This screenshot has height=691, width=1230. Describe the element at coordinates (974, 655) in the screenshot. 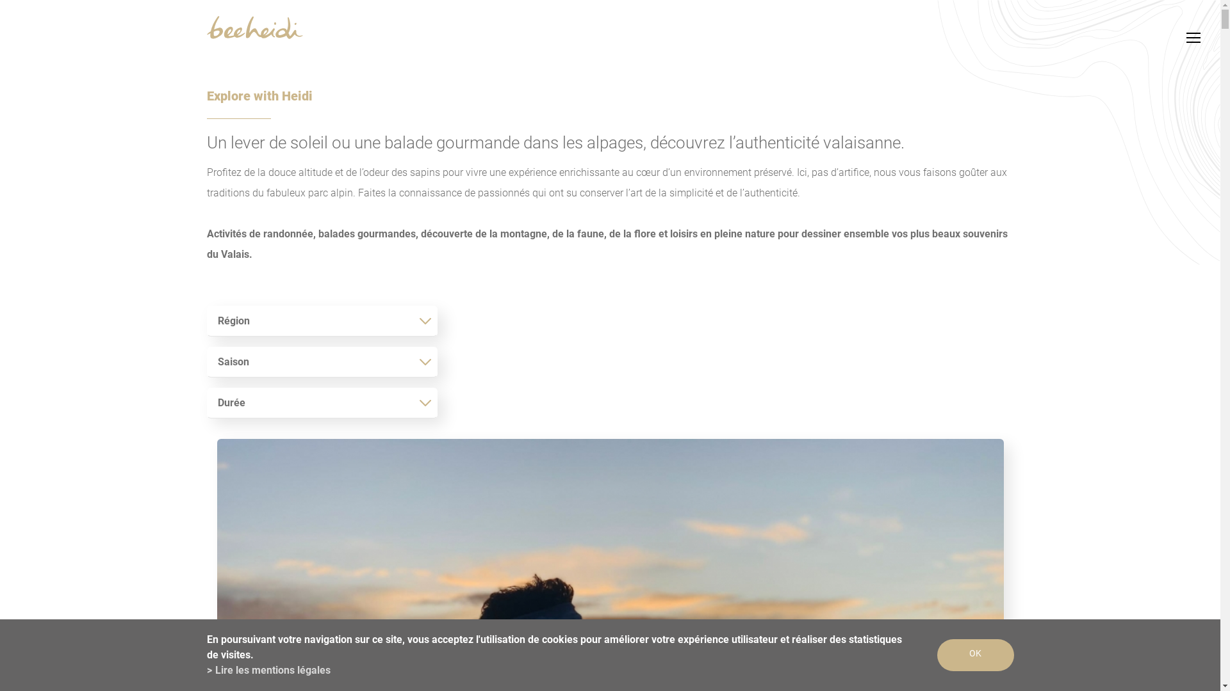

I see `'OK'` at that location.